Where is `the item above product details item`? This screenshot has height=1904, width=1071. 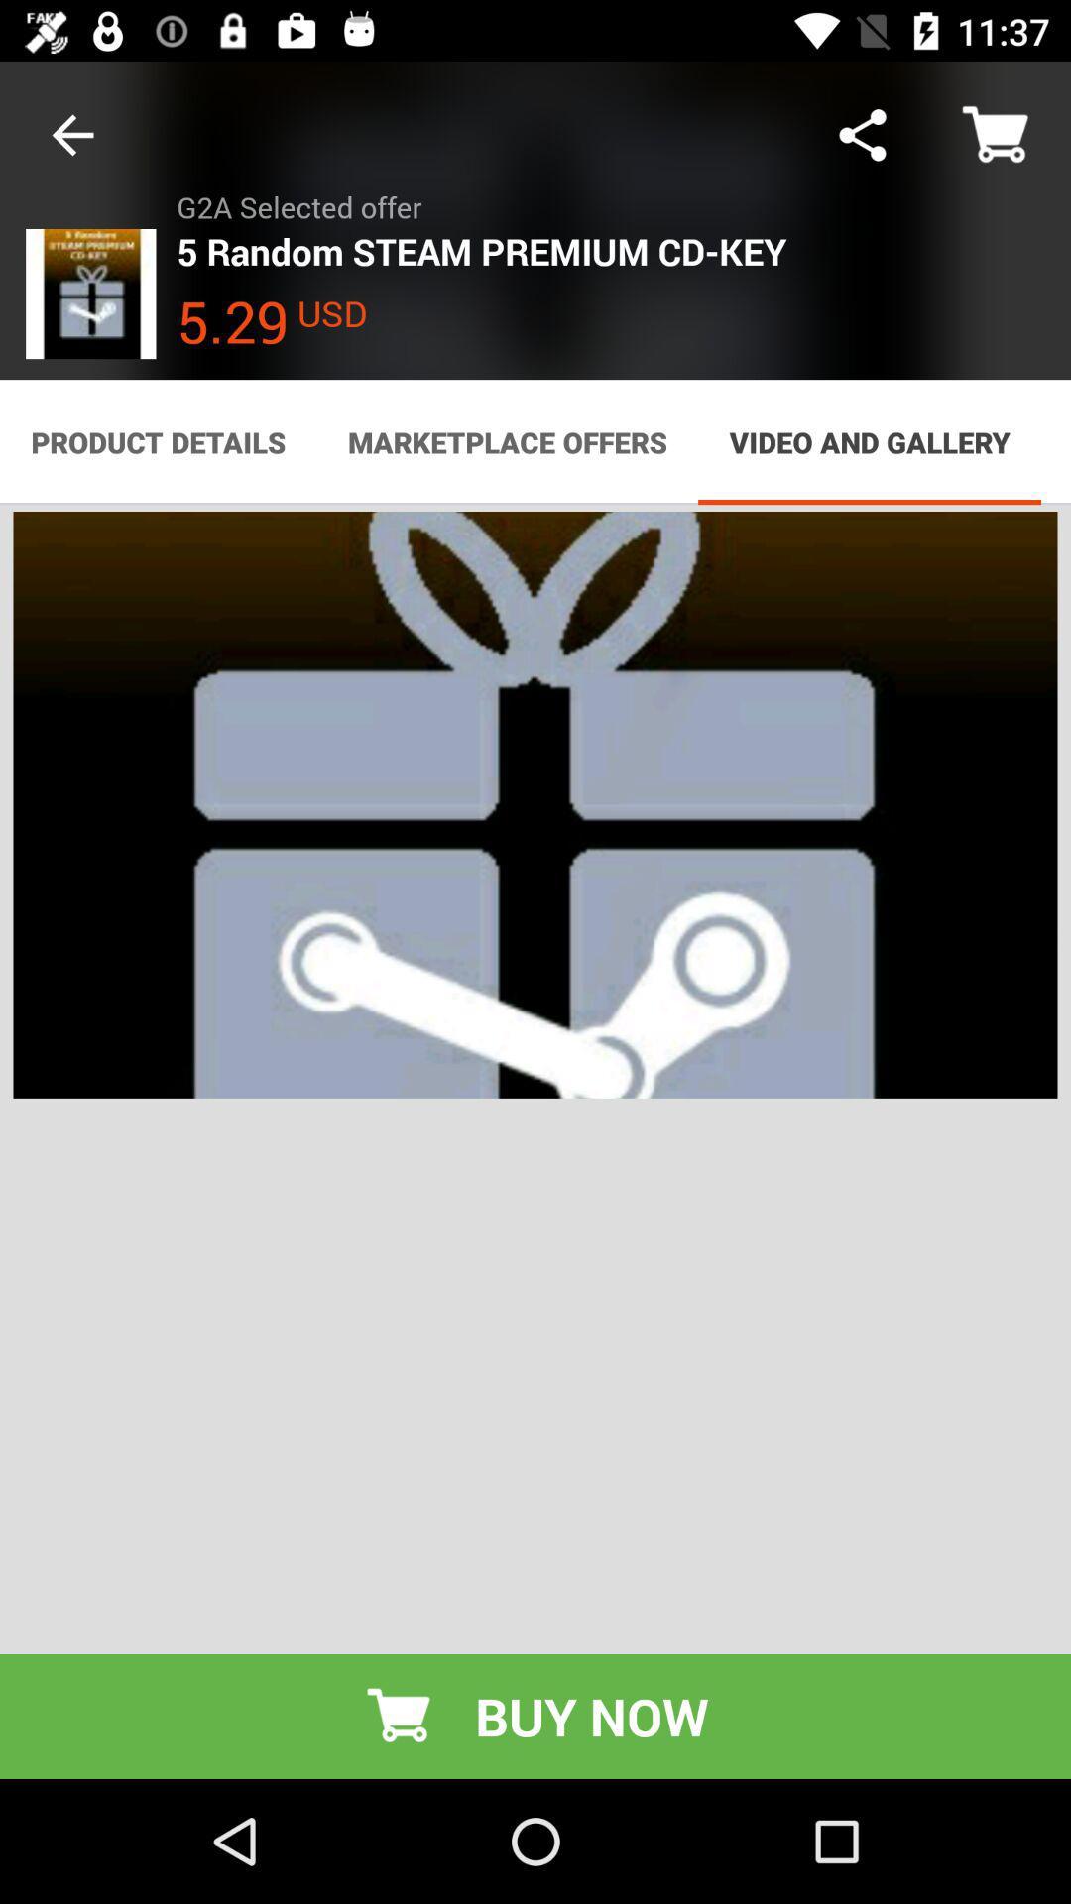
the item above product details item is located at coordinates (71, 134).